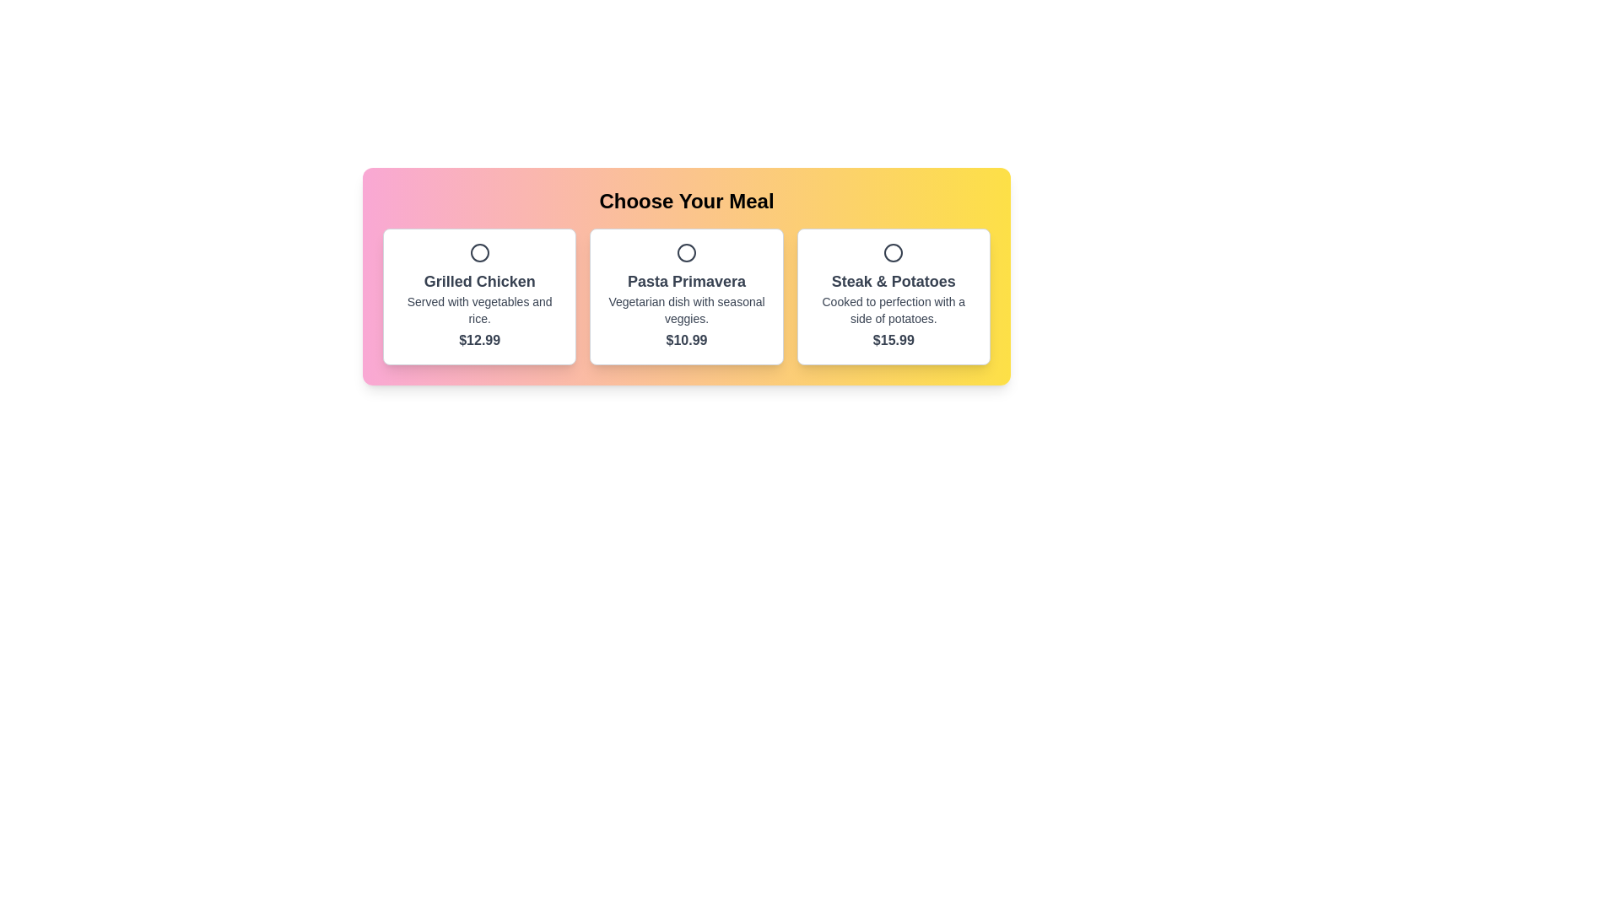 Image resolution: width=1620 pixels, height=911 pixels. I want to click on description text label that elaborates on the 'Steak & Potatoes' meal, positioned centrally beneath the title and above the price within the meal card, so click(893, 310).